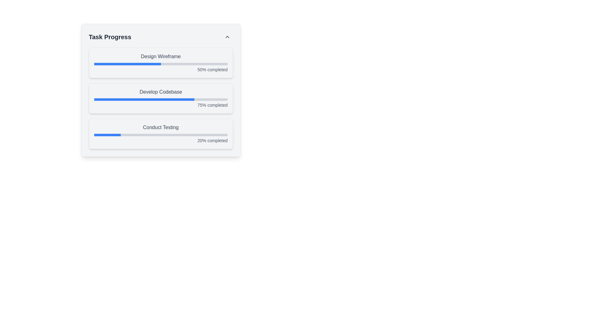  What do you see at coordinates (227, 37) in the screenshot?
I see `the Chevron icon (SVG) located in the top-right corner of the interface` at bounding box center [227, 37].